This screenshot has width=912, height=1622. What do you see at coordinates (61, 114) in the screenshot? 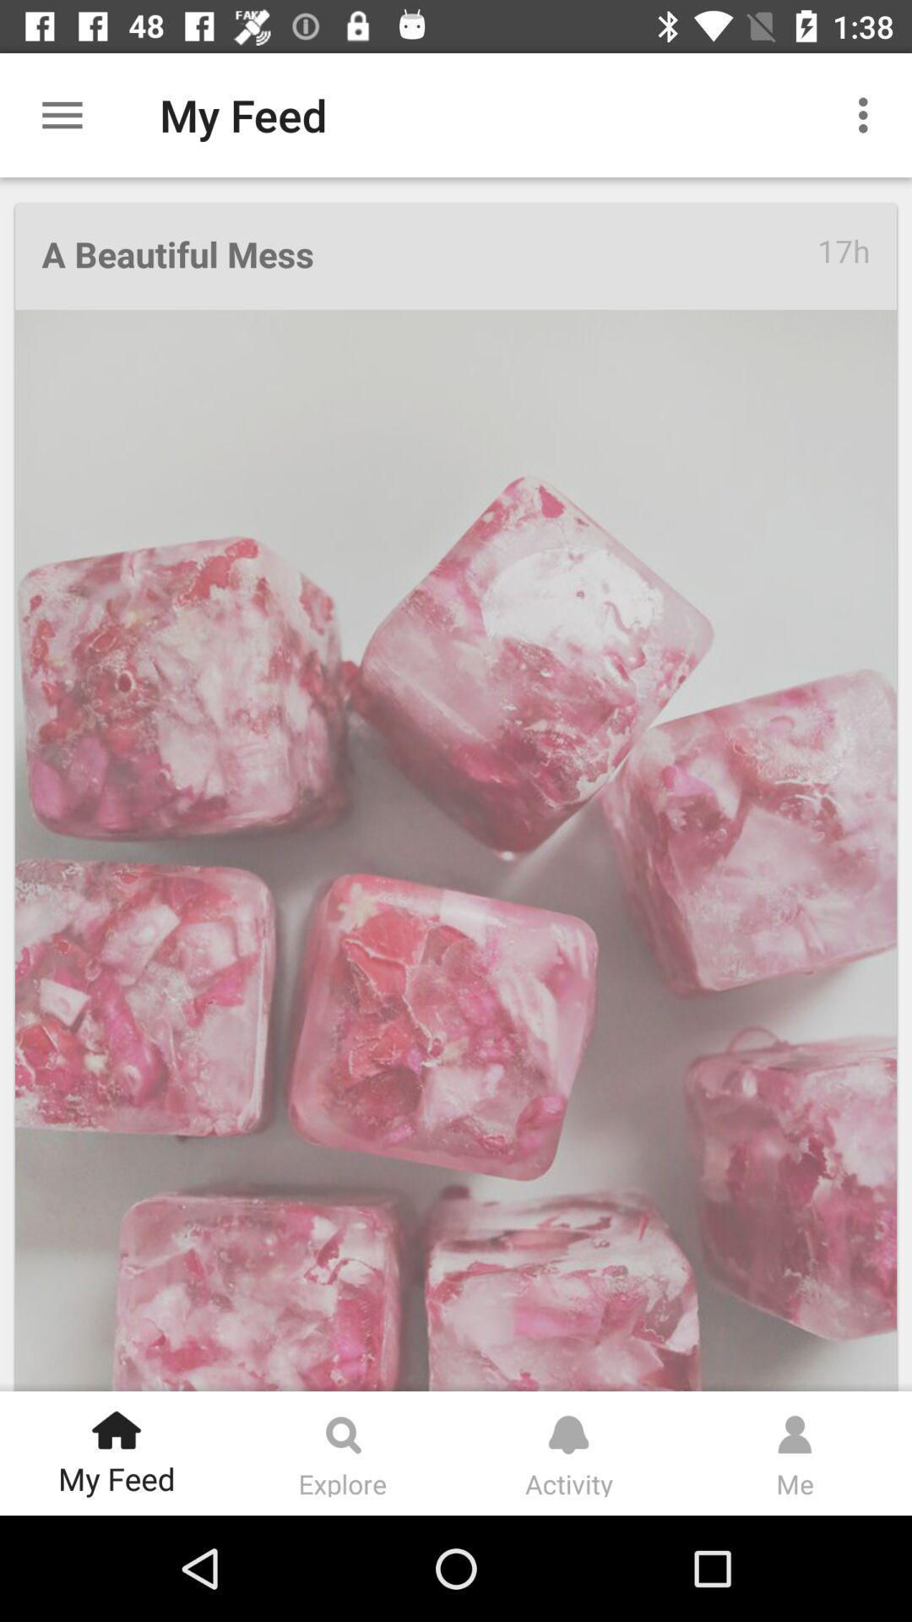
I see `the icon to the left of my feed icon` at bounding box center [61, 114].